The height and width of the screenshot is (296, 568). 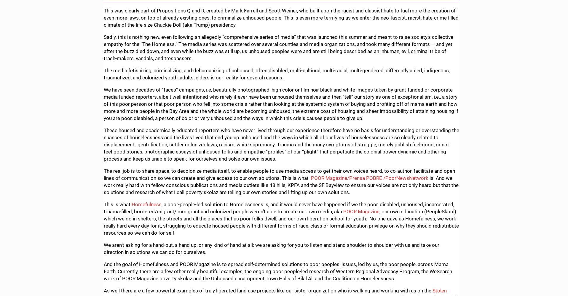 What do you see at coordinates (279, 207) in the screenshot?
I see `', a poor-people-led solution to Homelessness is, and it would never have happened if we the poor, disabled, unhoused, incarcerated, truama-filled, bordered/migrant/immigrant and colonized people weren’t able to create our own media, aka'` at bounding box center [279, 207].